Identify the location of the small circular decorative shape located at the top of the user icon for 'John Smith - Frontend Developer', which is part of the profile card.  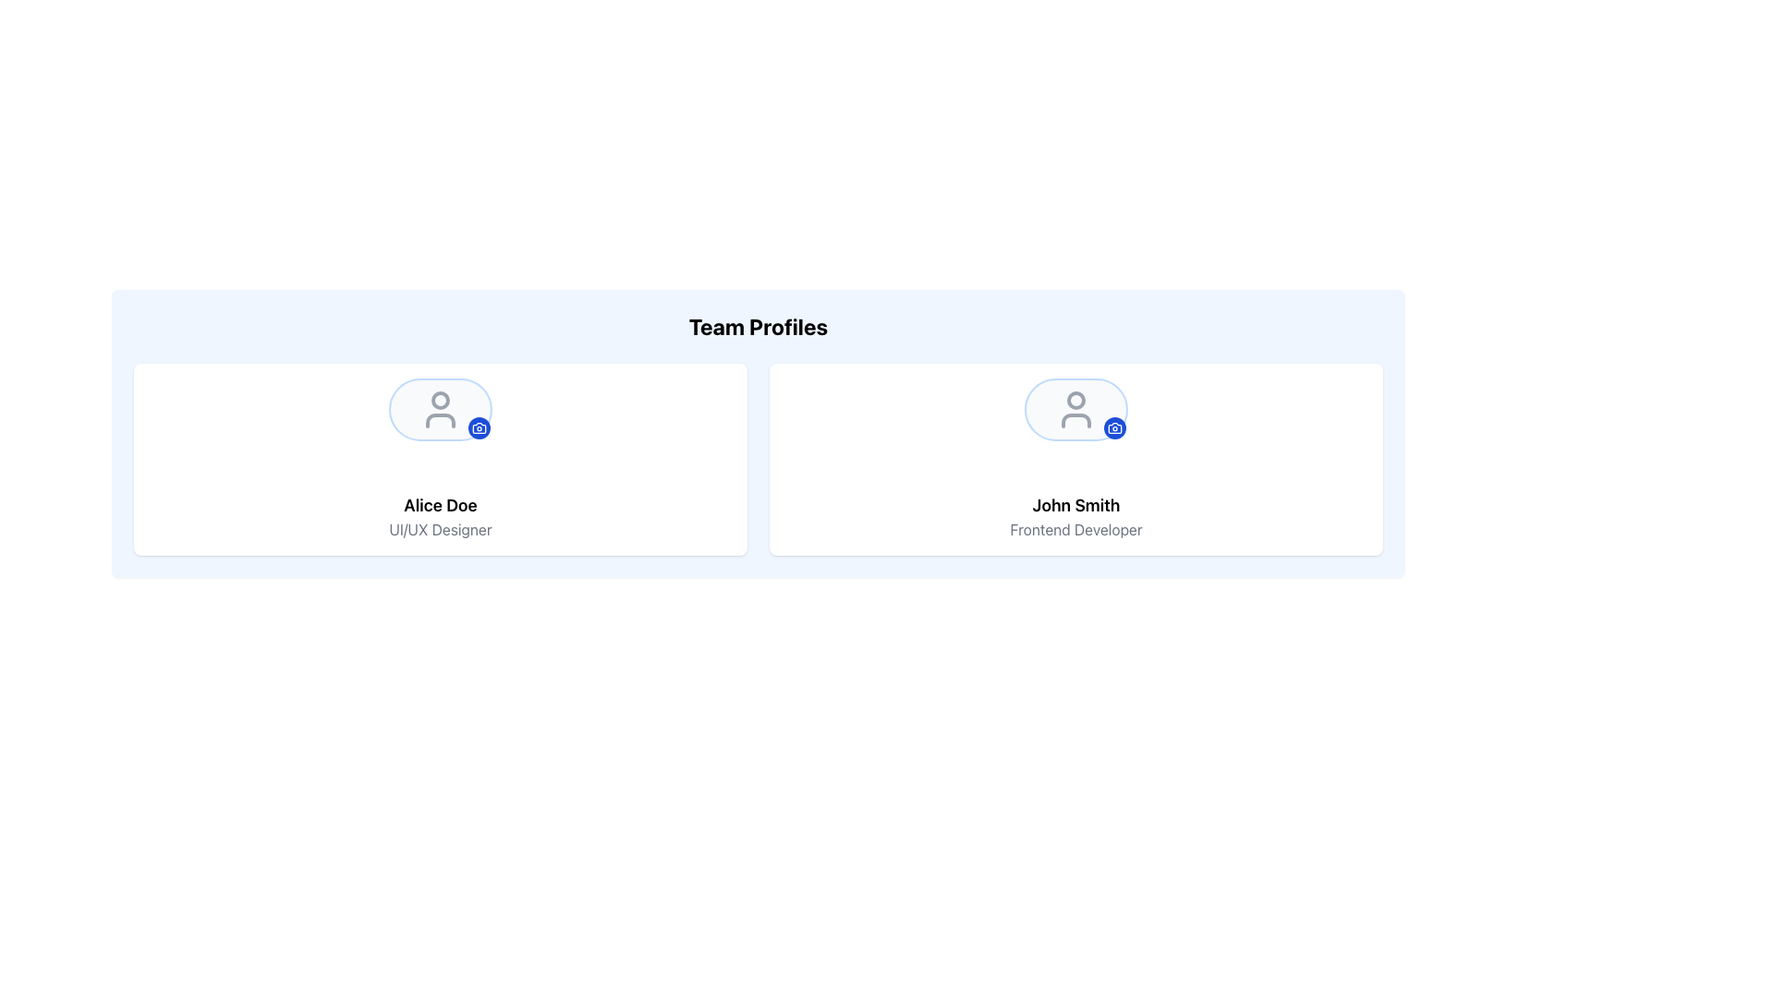
(1076, 400).